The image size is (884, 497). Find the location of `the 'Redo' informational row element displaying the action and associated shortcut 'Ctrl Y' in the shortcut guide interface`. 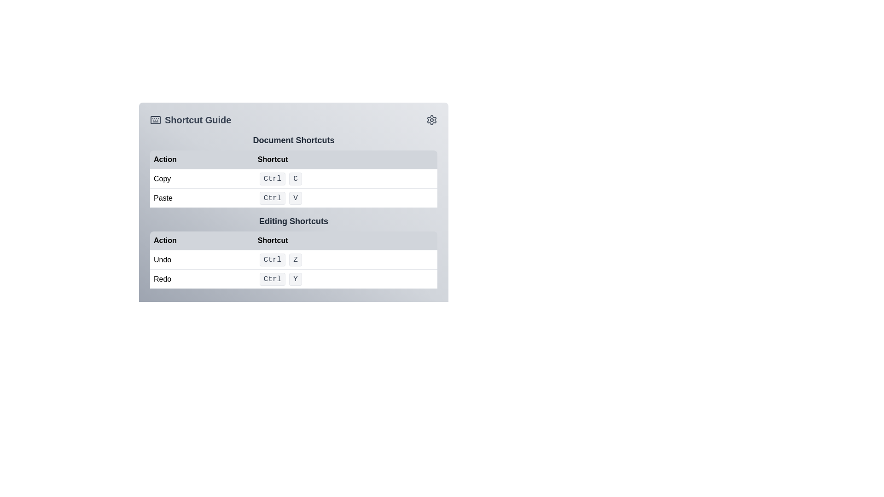

the 'Redo' informational row element displaying the action and associated shortcut 'Ctrl Y' in the shortcut guide interface is located at coordinates (293, 278).